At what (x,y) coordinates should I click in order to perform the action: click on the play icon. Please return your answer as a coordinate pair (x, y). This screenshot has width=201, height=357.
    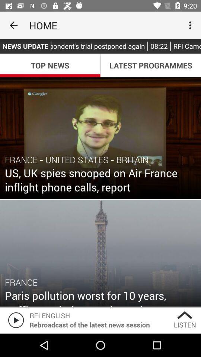
    Looking at the image, I should click on (15, 319).